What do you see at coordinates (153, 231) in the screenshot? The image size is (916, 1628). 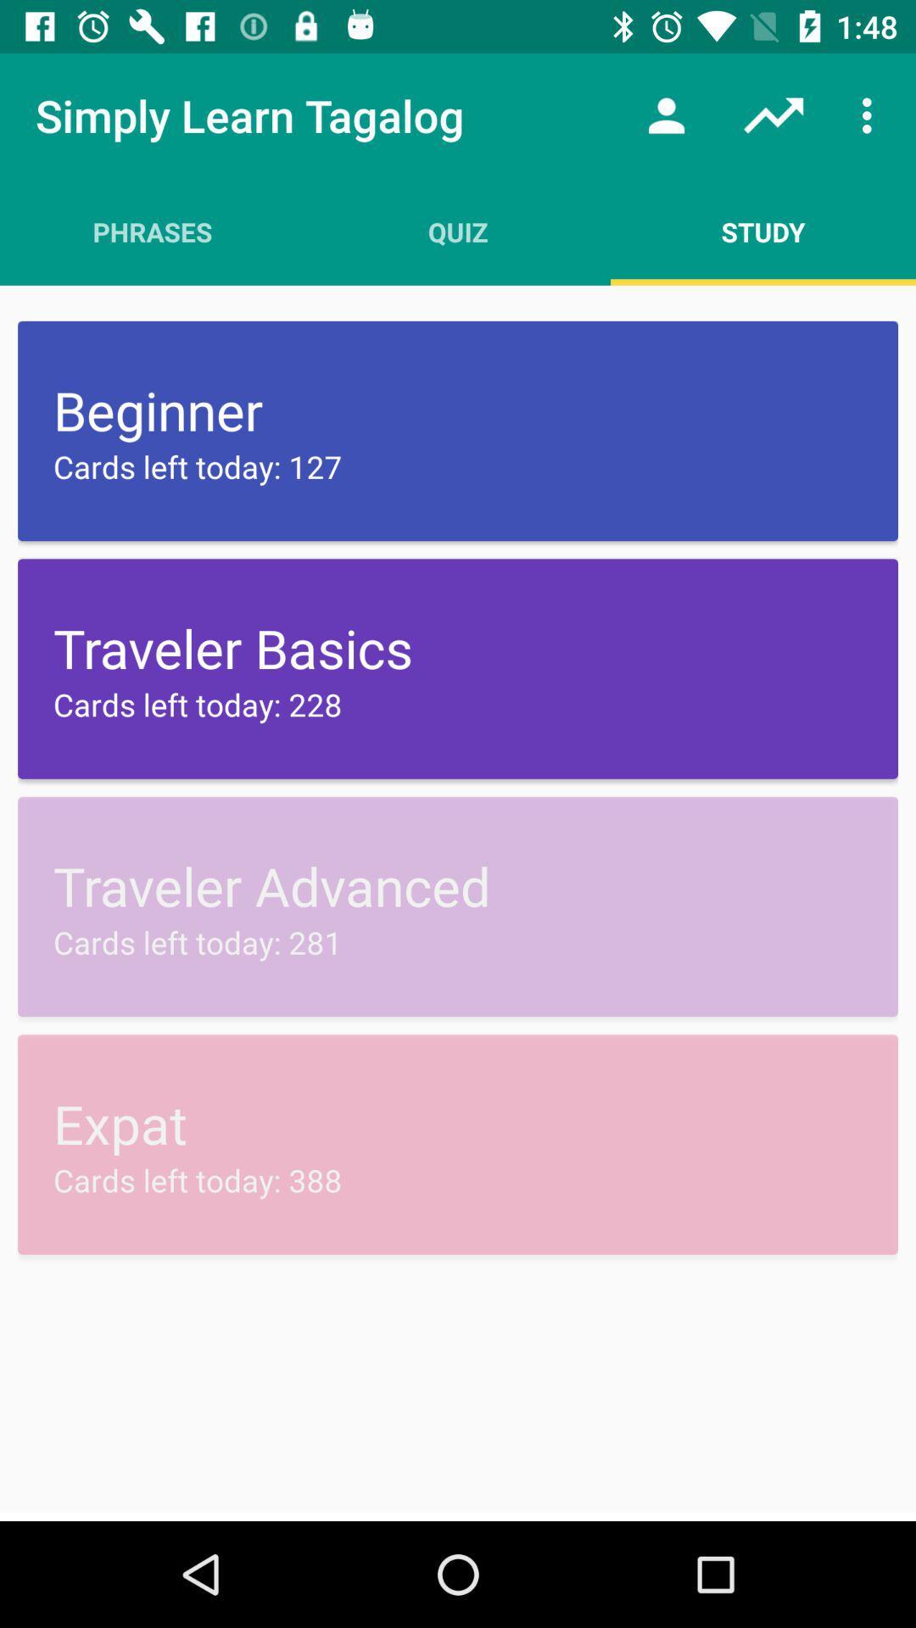 I see `item next to the quiz app` at bounding box center [153, 231].